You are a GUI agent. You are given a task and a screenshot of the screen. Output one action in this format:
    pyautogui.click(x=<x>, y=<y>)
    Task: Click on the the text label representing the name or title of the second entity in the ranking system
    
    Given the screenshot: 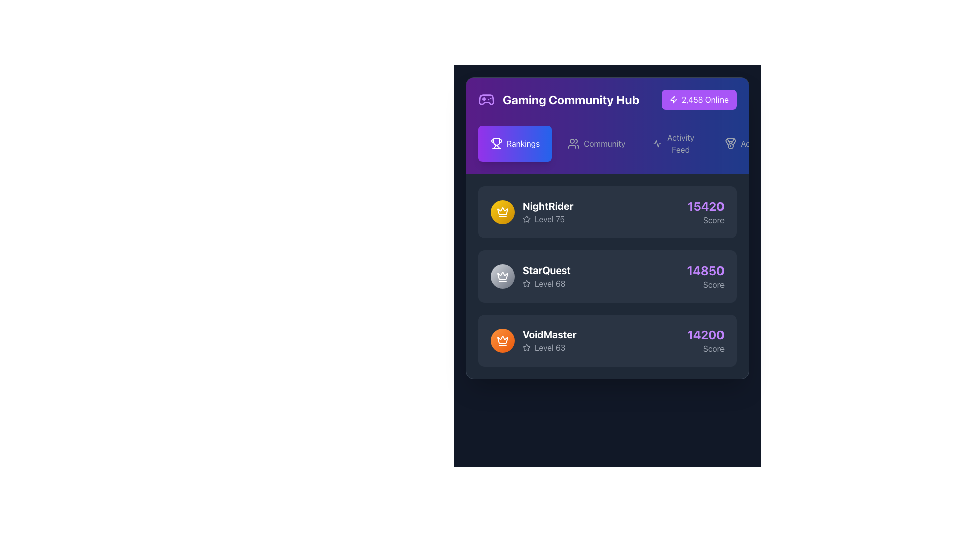 What is the action you would take?
    pyautogui.click(x=546, y=270)
    